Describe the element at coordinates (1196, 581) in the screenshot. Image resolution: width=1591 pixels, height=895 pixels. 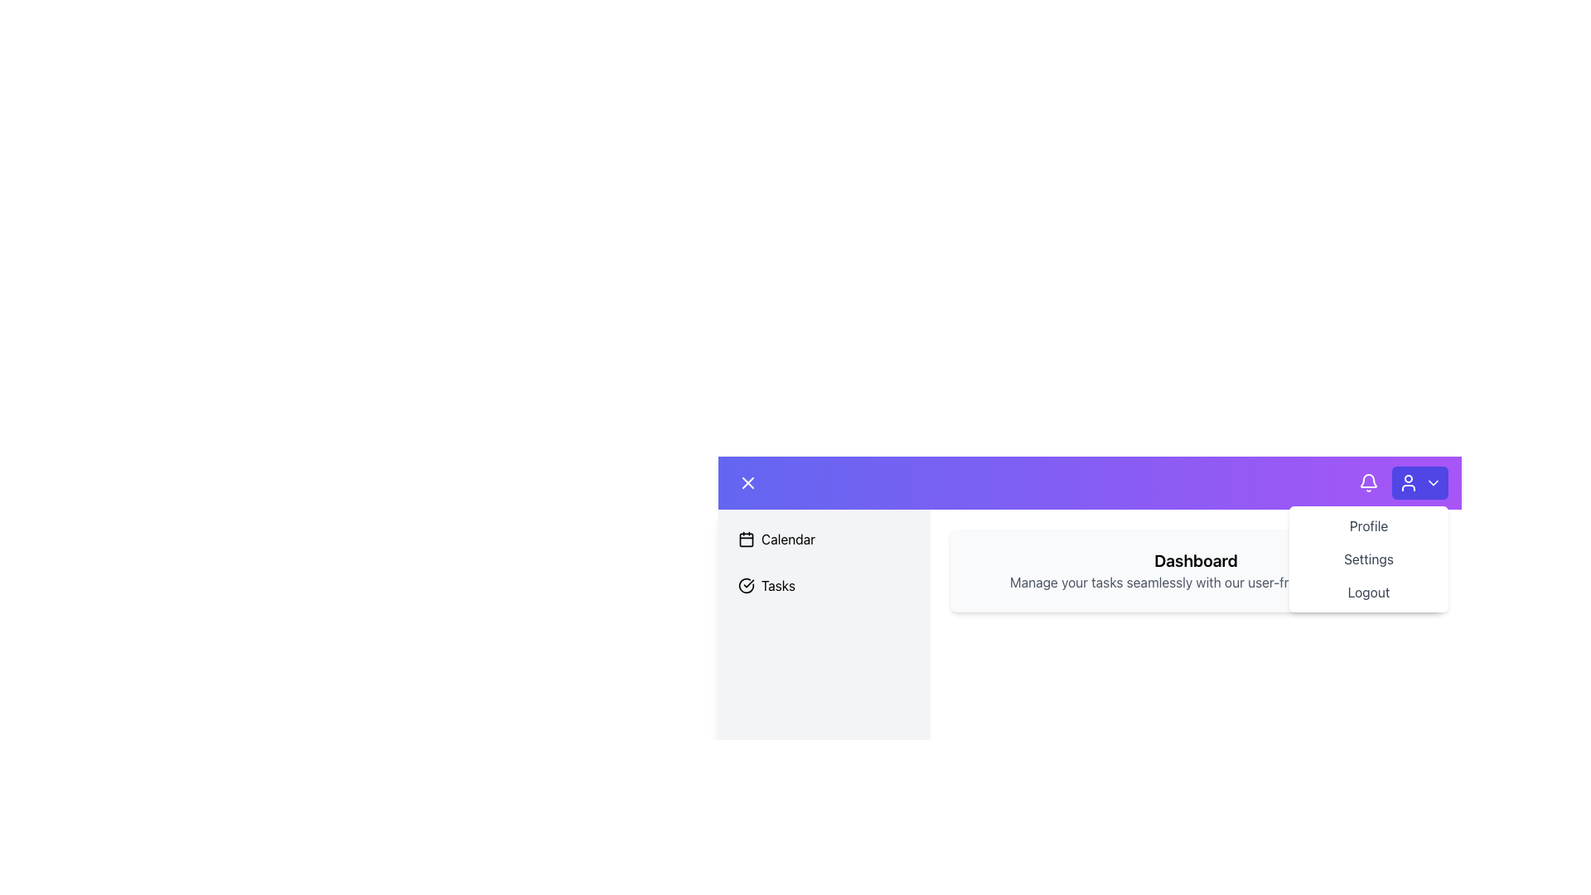
I see `the non-interactive text display that shows the message 'Manage your tasks seamlessly with our user-friendly platform.' This text is styled with gray font color and is positioned below the header 'Dashboard.'` at that location.